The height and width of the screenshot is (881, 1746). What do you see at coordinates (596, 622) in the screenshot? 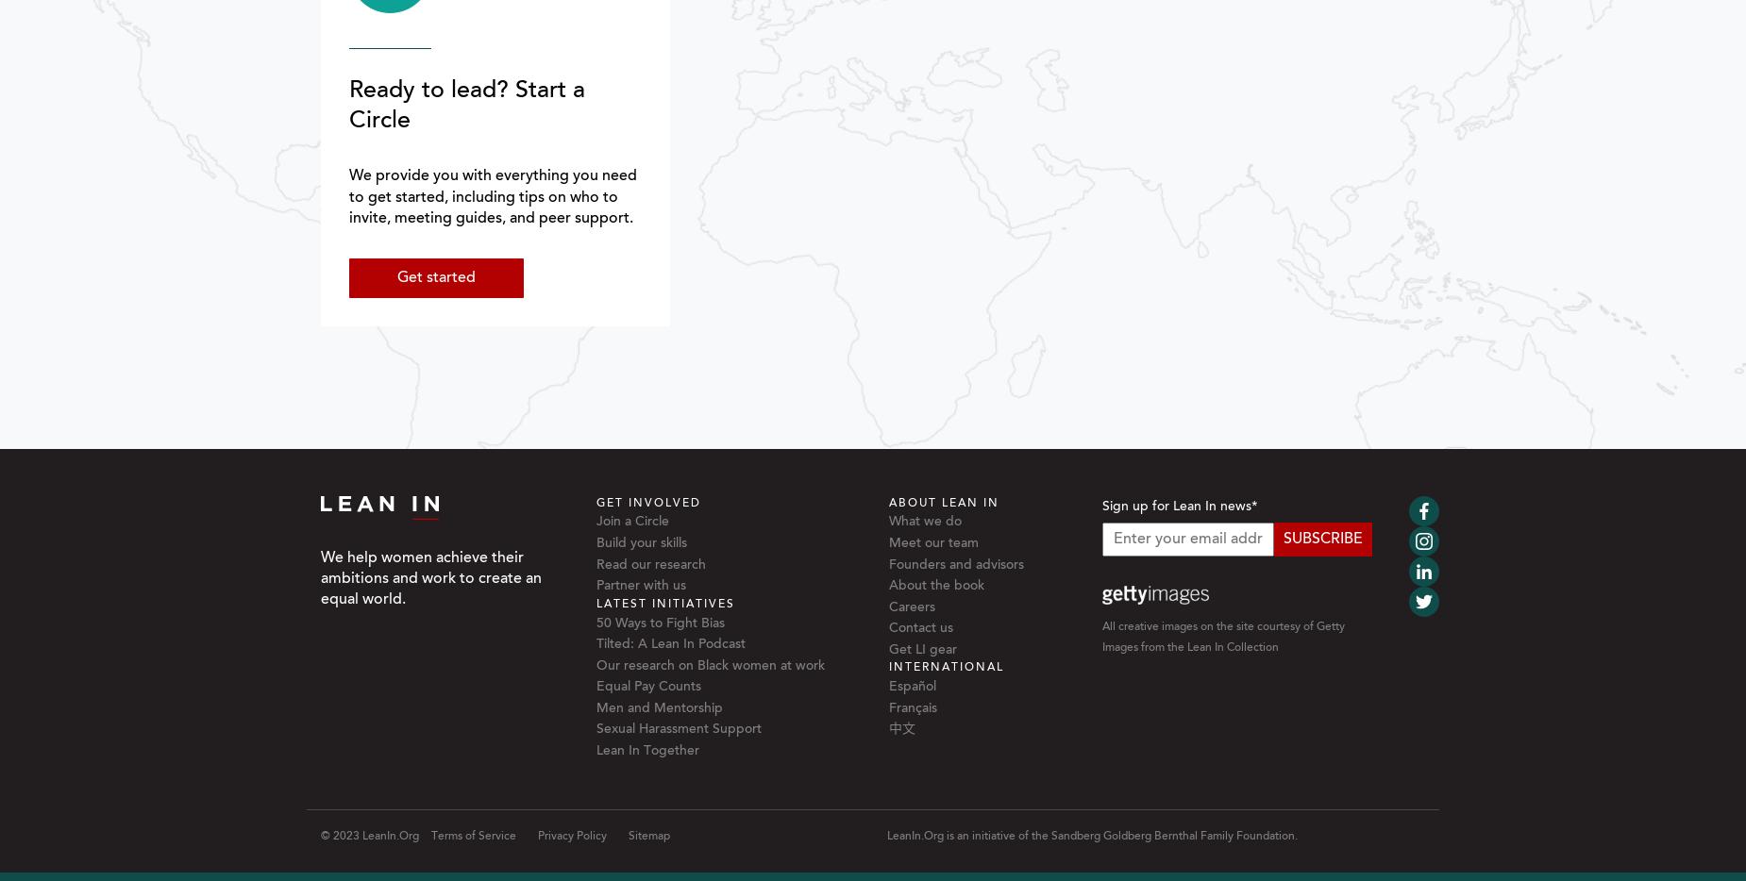
I see `'50 Ways to Fight Bias'` at bounding box center [596, 622].